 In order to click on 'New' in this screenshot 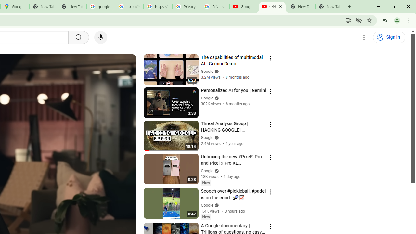, I will do `click(206, 217)`.